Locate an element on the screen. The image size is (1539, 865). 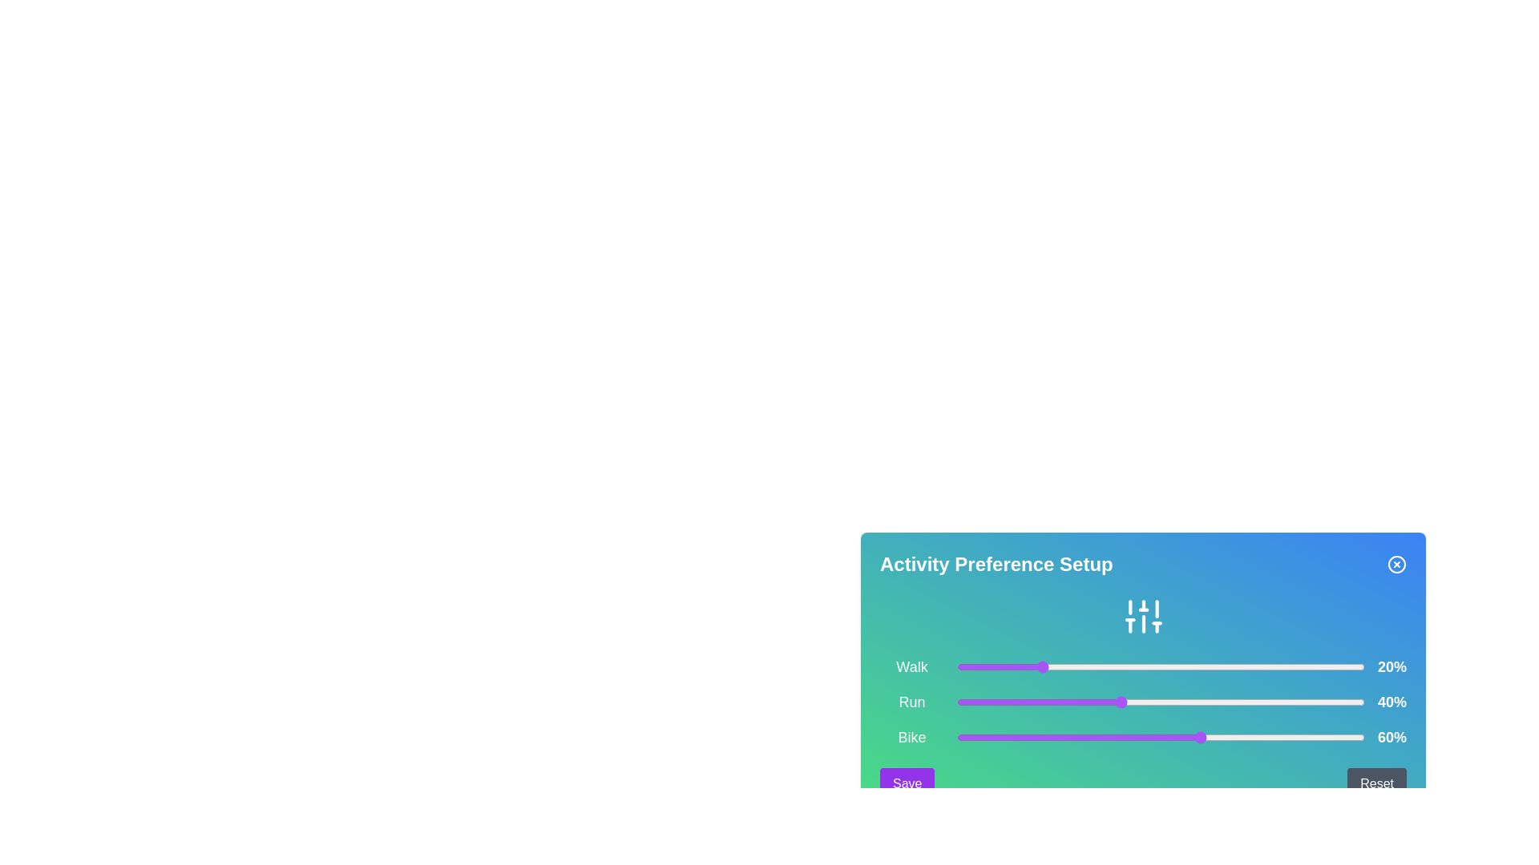
the slider for 0 to 37% is located at coordinates (1107, 667).